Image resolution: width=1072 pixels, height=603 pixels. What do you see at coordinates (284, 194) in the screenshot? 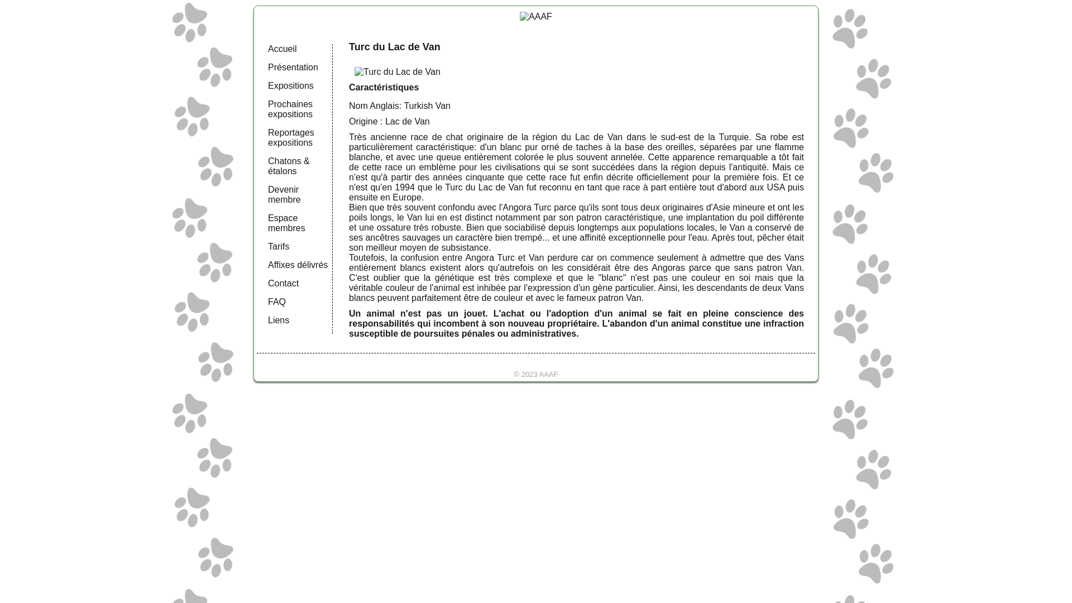
I see `'Devenir membre'` at bounding box center [284, 194].